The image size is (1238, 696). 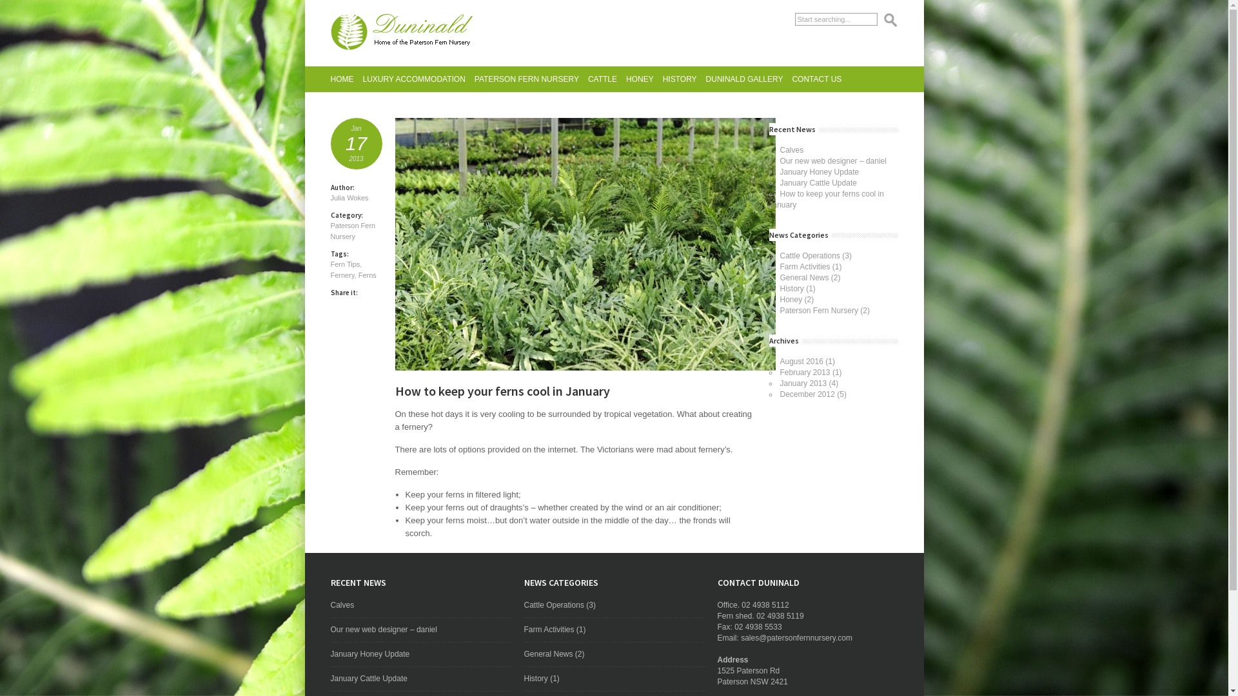 I want to click on 'DUNINALD GALLERY', so click(x=705, y=79).